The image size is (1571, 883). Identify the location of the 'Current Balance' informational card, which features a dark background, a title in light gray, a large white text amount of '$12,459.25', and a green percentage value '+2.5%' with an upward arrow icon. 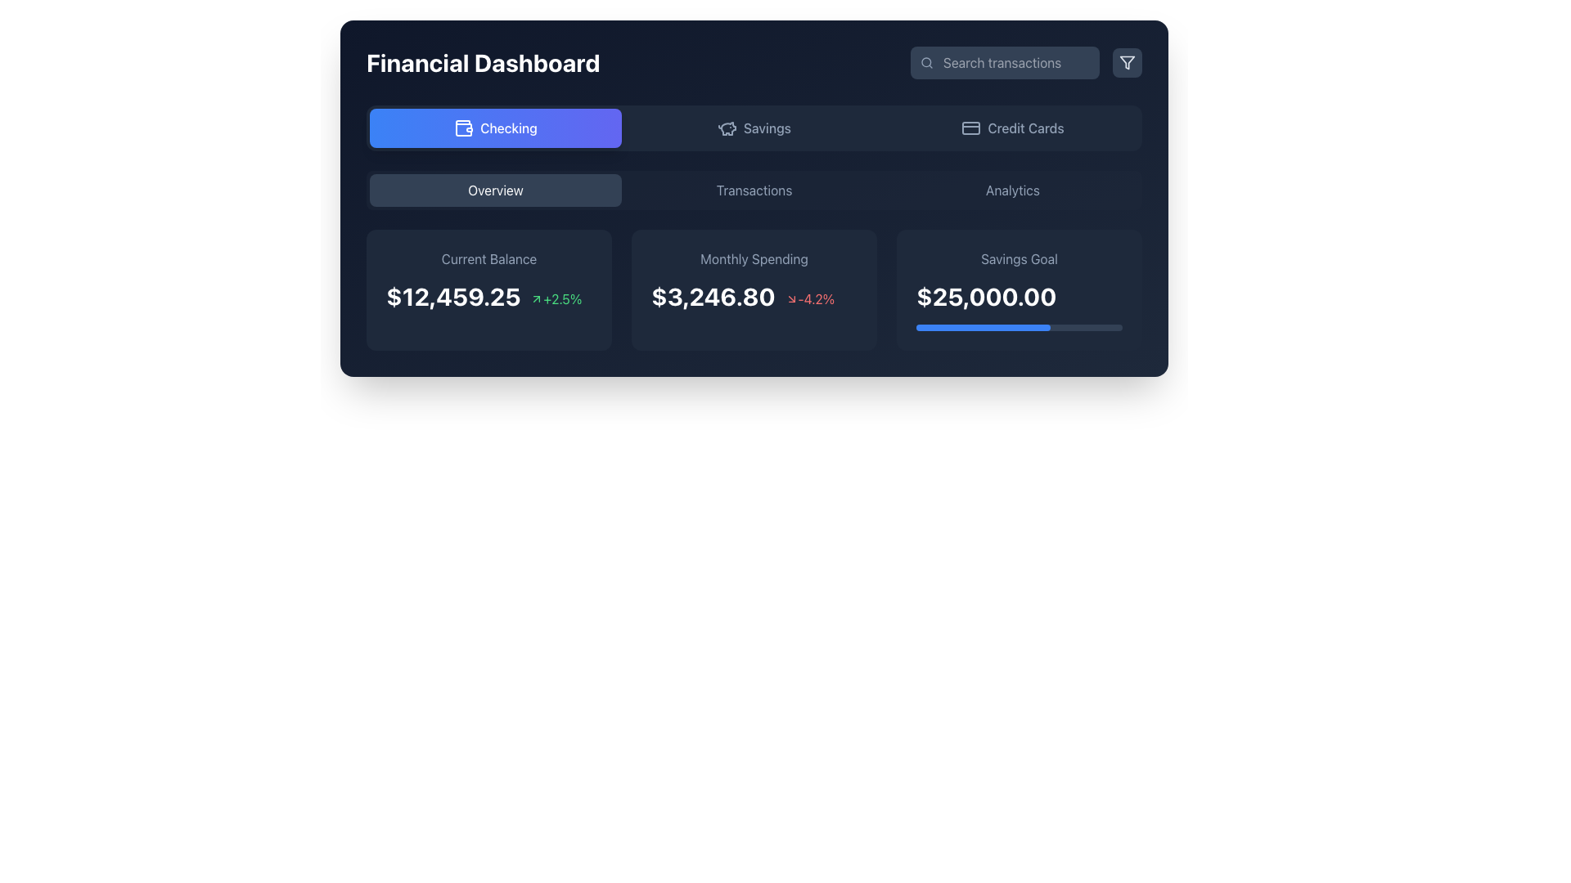
(488, 289).